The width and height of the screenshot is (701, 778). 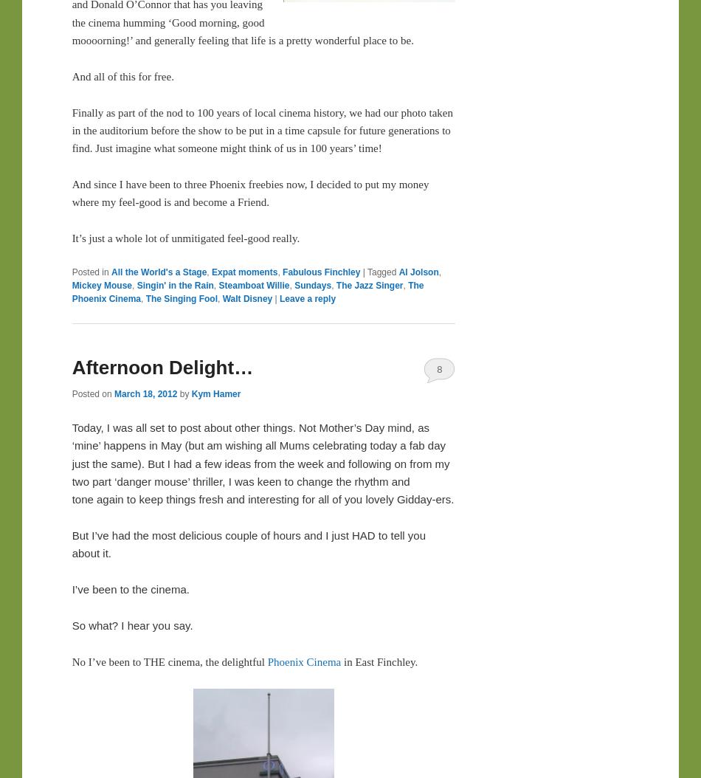 What do you see at coordinates (244, 271) in the screenshot?
I see `'Expat moments'` at bounding box center [244, 271].